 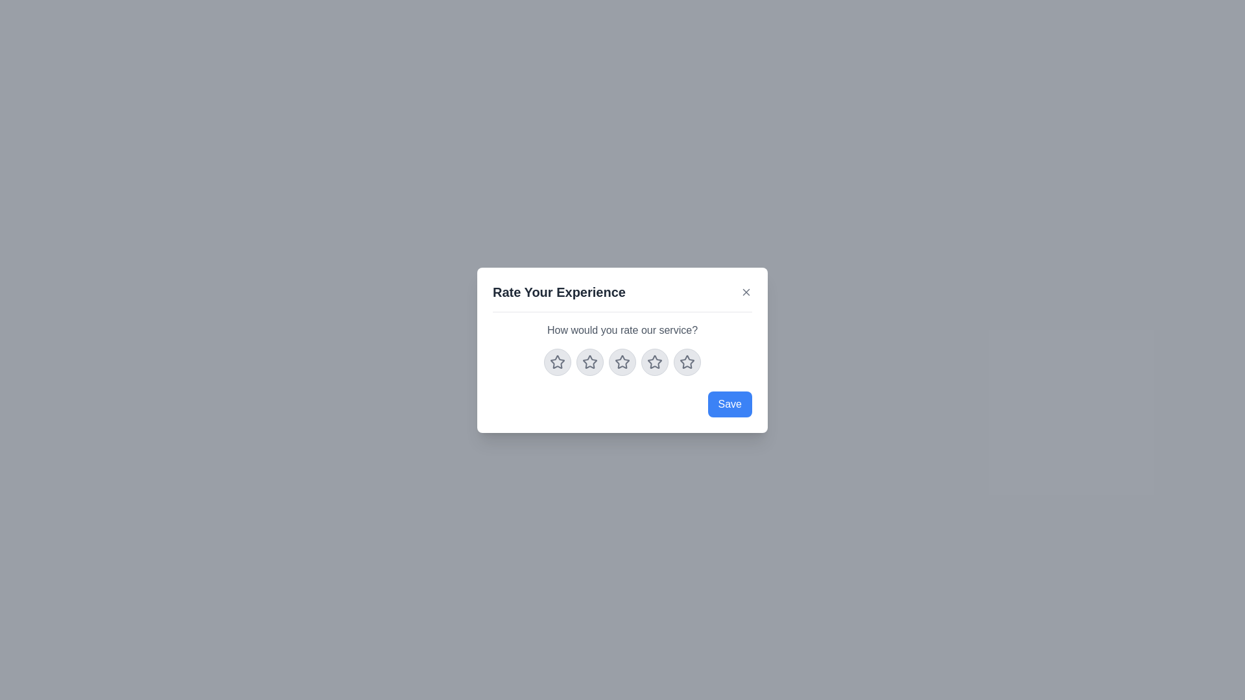 I want to click on the 'Save' button to submit the rating, so click(x=729, y=403).